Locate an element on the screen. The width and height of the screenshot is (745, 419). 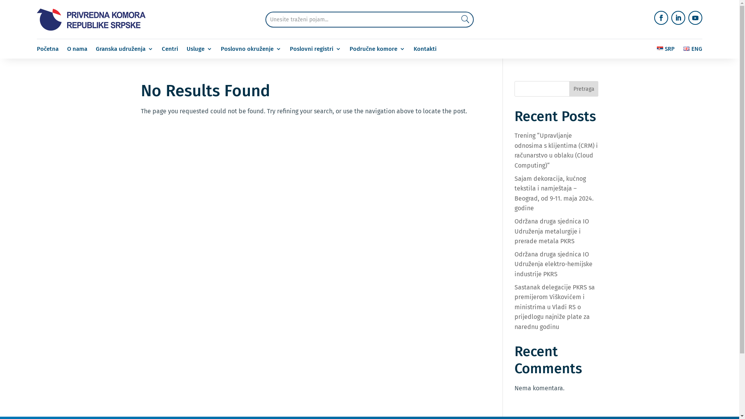
'O nama' is located at coordinates (77, 50).